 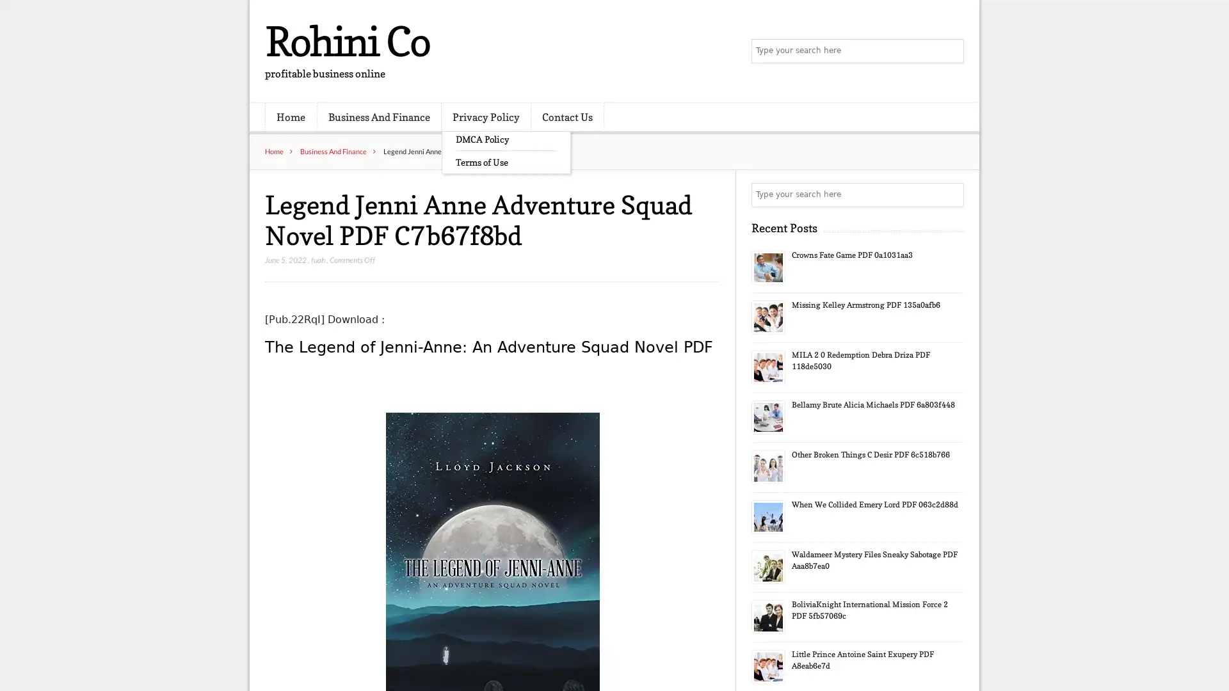 I want to click on Search, so click(x=951, y=195).